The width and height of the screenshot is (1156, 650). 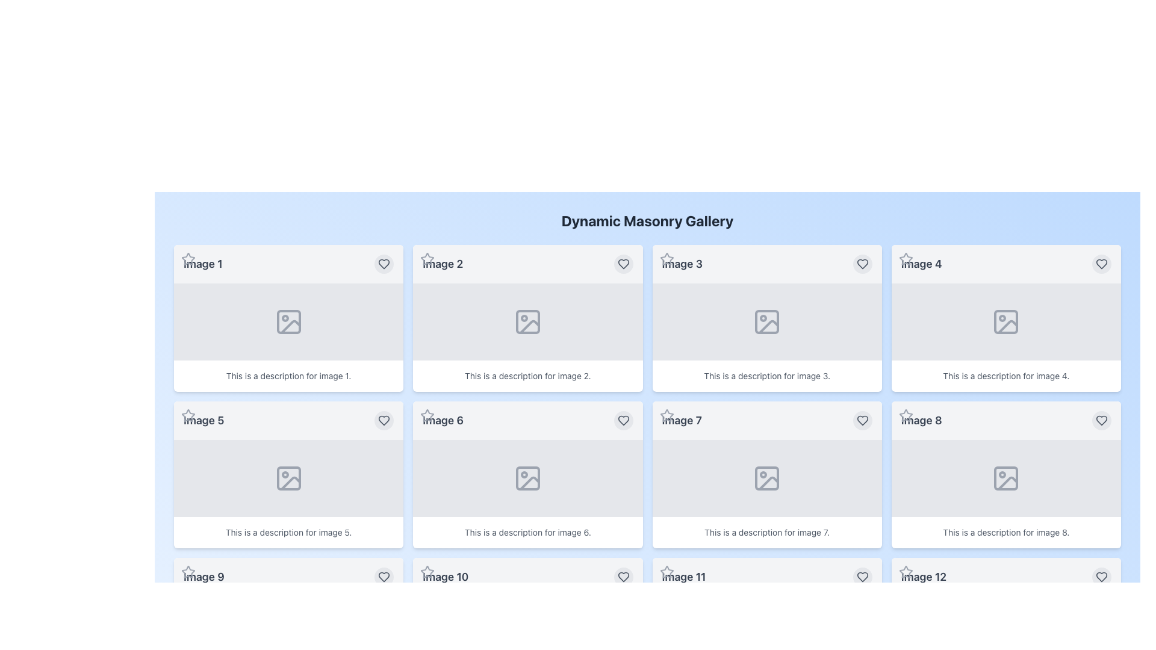 What do you see at coordinates (427, 415) in the screenshot?
I see `the star SVG icon located in the top-left corner of the card labeled 'Image 6' to mark it as a favorite` at bounding box center [427, 415].